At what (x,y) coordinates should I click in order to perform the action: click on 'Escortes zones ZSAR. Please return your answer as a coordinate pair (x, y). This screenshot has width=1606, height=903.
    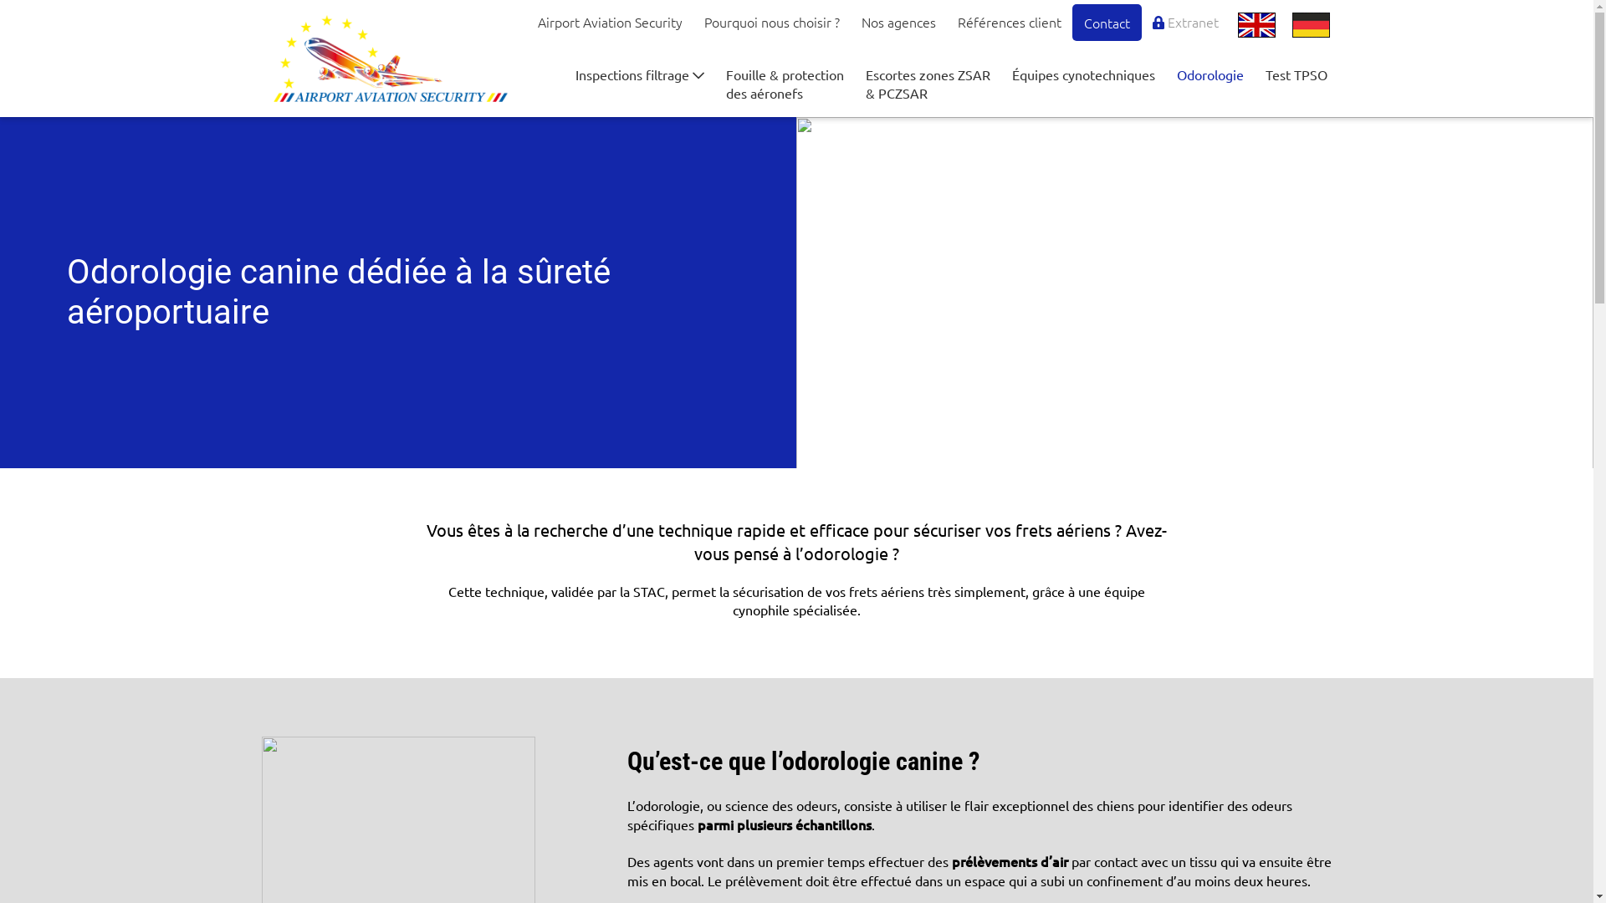
    Looking at the image, I should click on (927, 84).